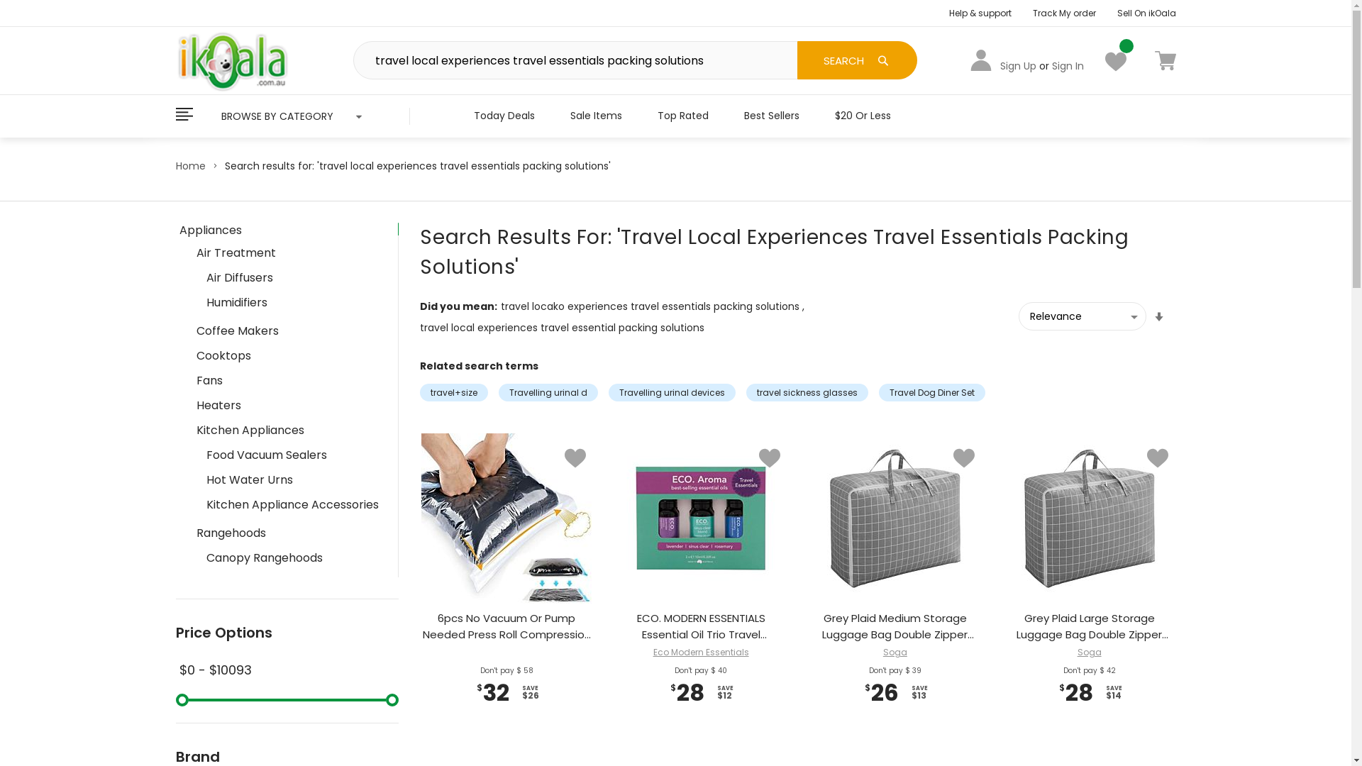  What do you see at coordinates (683, 114) in the screenshot?
I see `'Top Rated'` at bounding box center [683, 114].